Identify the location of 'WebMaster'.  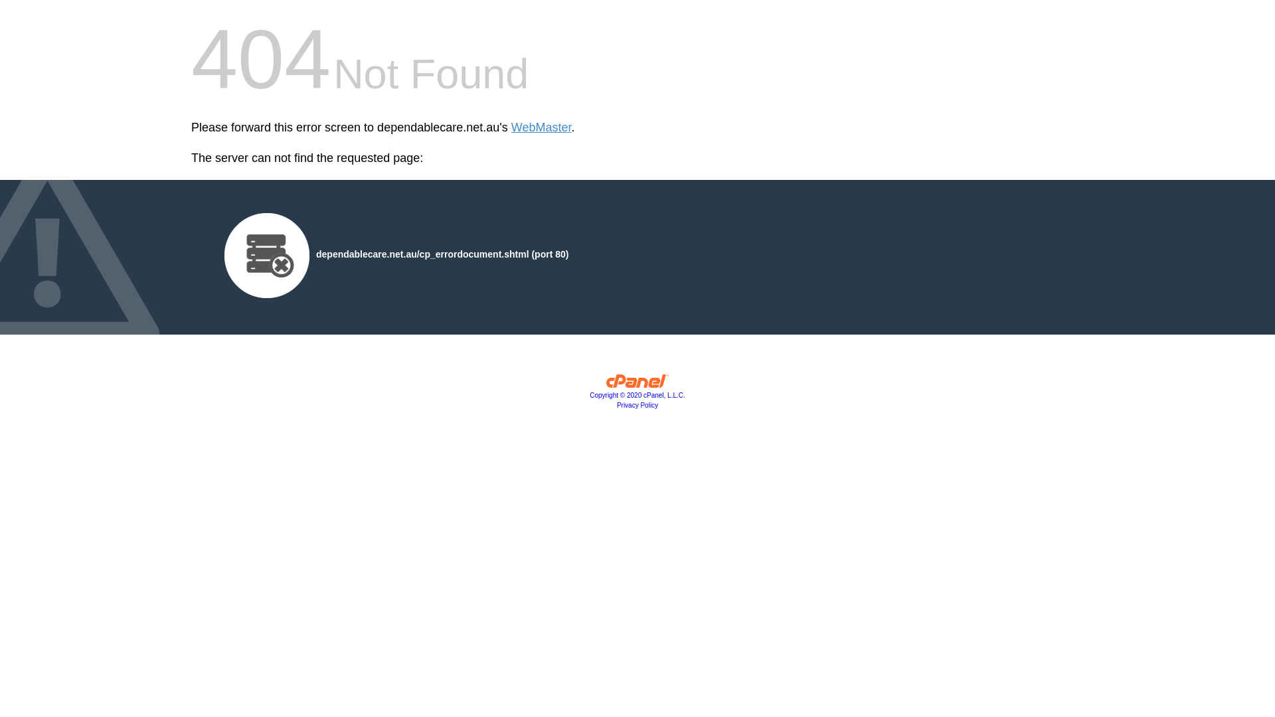
(541, 127).